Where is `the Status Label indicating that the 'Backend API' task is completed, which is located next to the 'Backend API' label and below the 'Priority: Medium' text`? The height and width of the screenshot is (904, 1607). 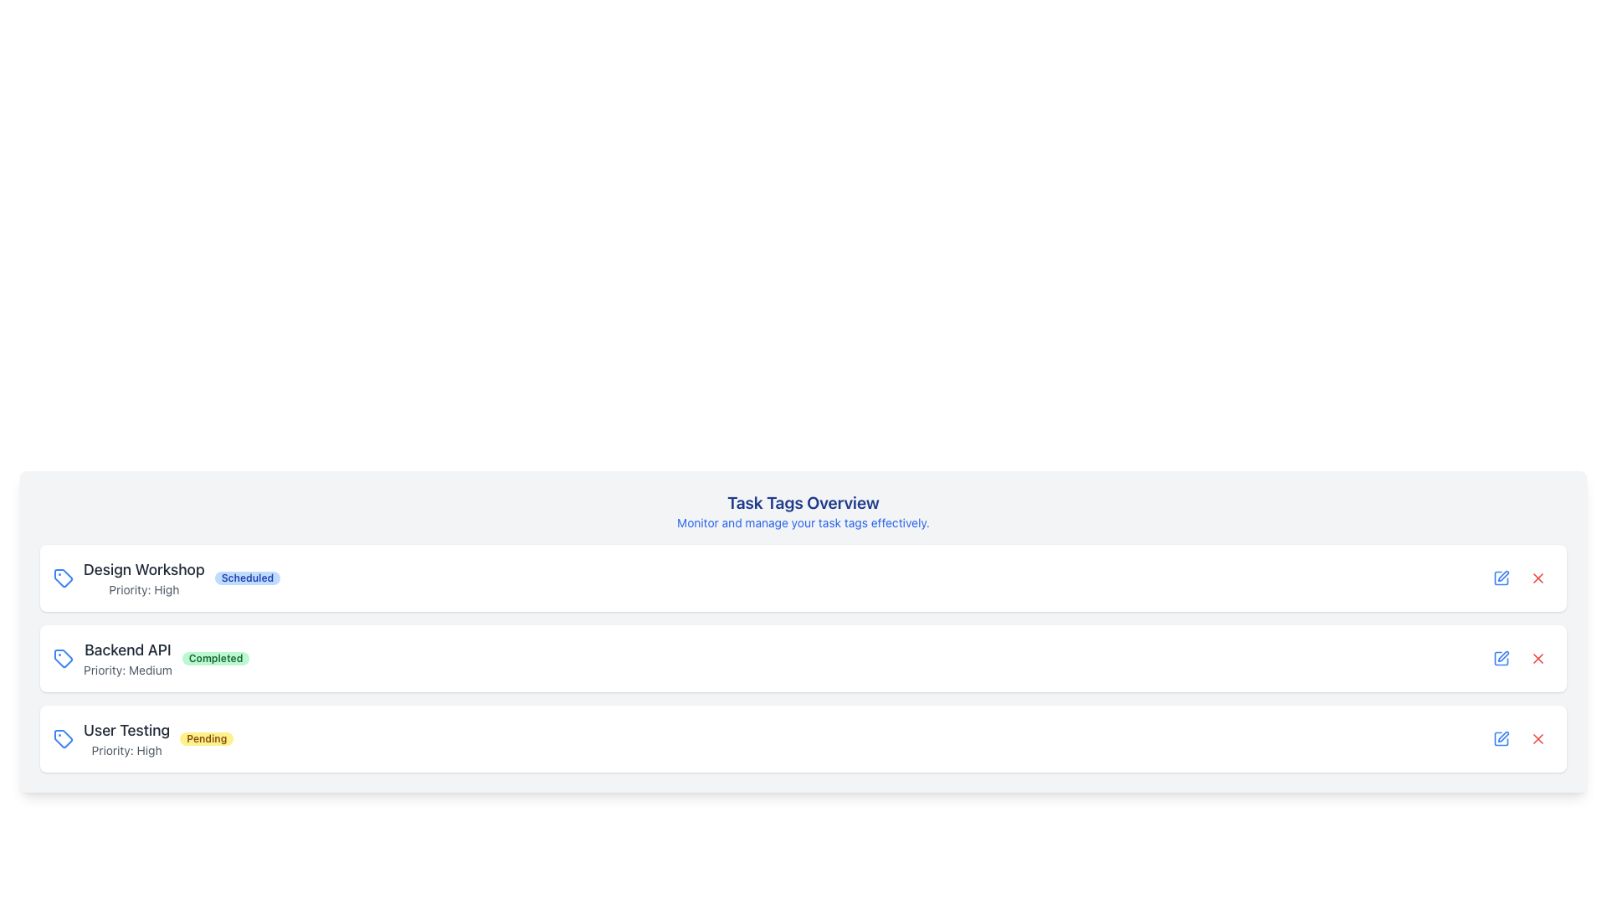 the Status Label indicating that the 'Backend API' task is completed, which is located next to the 'Backend API' label and below the 'Priority: Medium' text is located at coordinates (215, 657).